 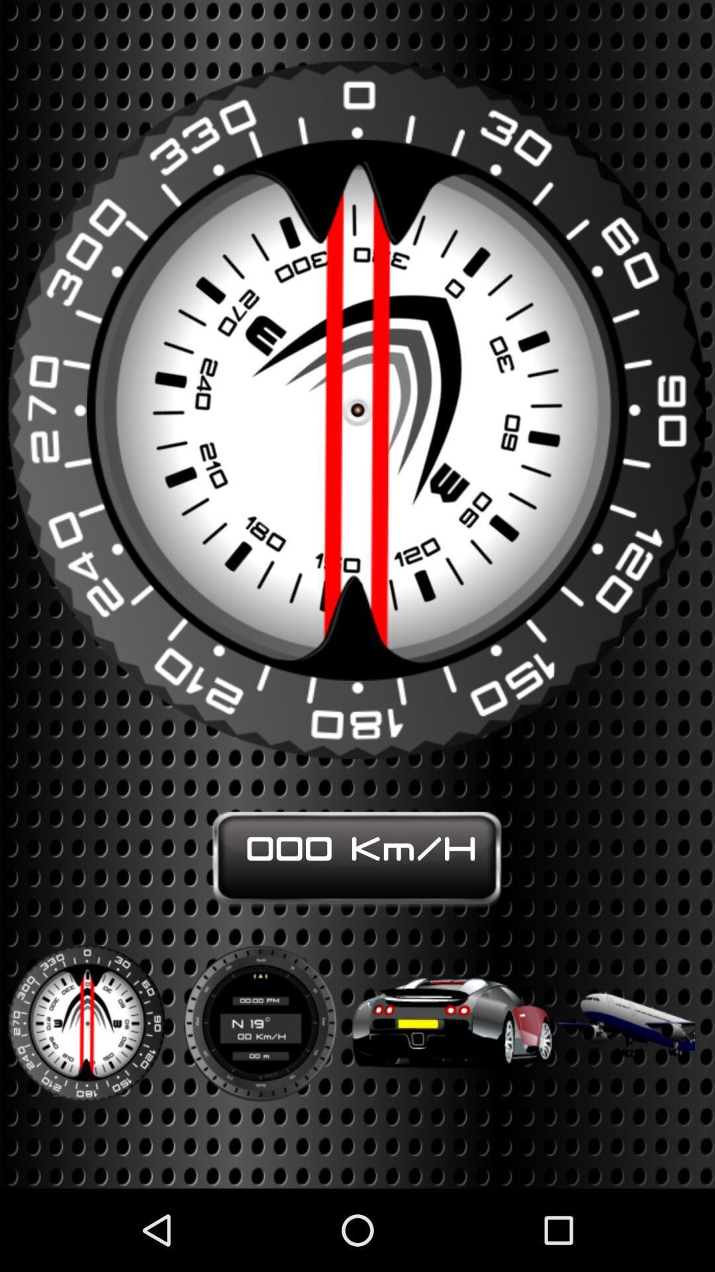 What do you see at coordinates (625, 1014) in the screenshot?
I see `the item at the bottom right corner` at bounding box center [625, 1014].